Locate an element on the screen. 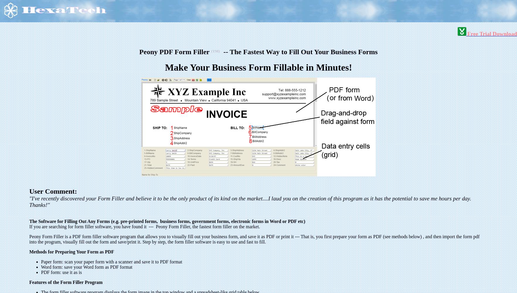  '(TM)' is located at coordinates (215, 51).